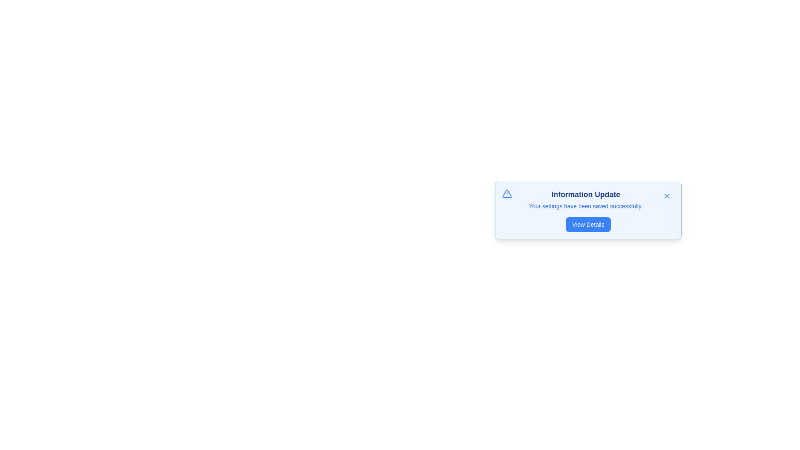 This screenshot has height=450, width=800. I want to click on the alert icon to focus or highlight it, so click(507, 194).